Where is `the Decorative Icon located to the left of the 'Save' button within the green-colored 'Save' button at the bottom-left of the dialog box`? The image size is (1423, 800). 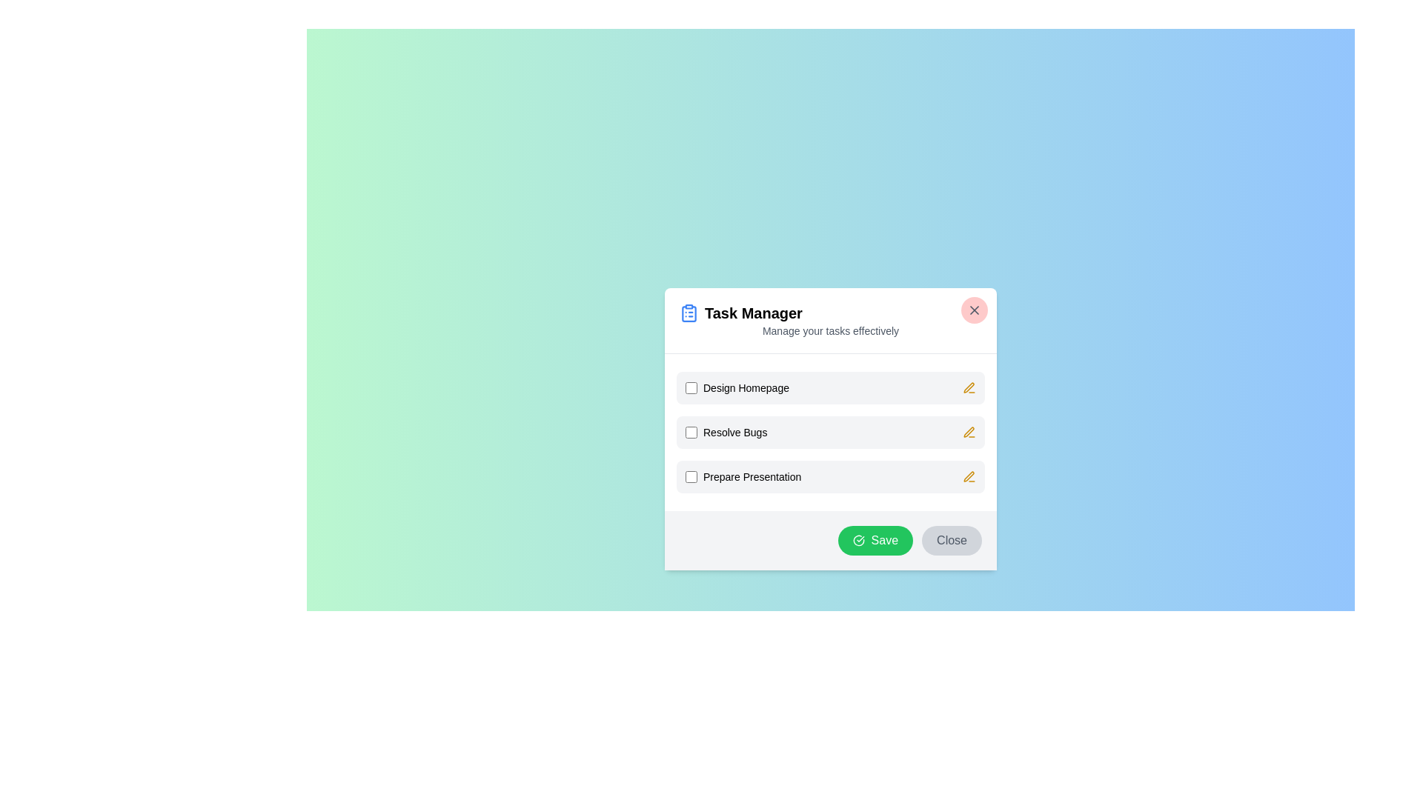
the Decorative Icon located to the left of the 'Save' button within the green-colored 'Save' button at the bottom-left of the dialog box is located at coordinates (859, 541).